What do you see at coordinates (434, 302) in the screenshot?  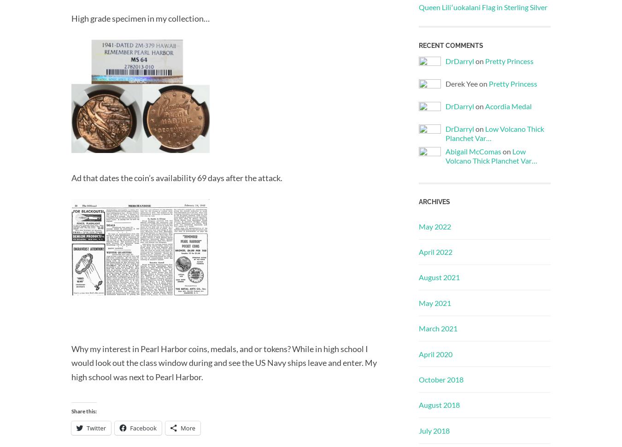 I see `'May 2021'` at bounding box center [434, 302].